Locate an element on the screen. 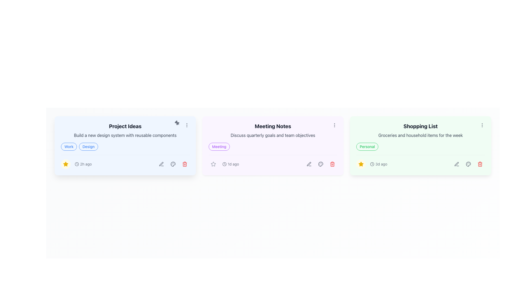 This screenshot has width=509, height=286. the vertical ellipsis button at the top-right corner of the 'Shopping List' card is located at coordinates (482, 125).